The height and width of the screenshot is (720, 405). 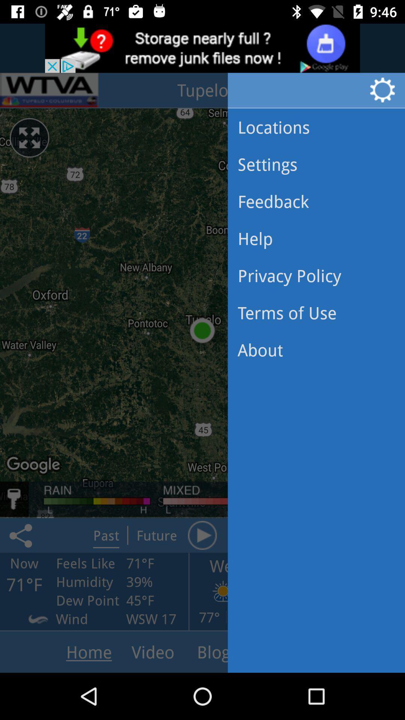 I want to click on the pause icon, so click(x=49, y=90).